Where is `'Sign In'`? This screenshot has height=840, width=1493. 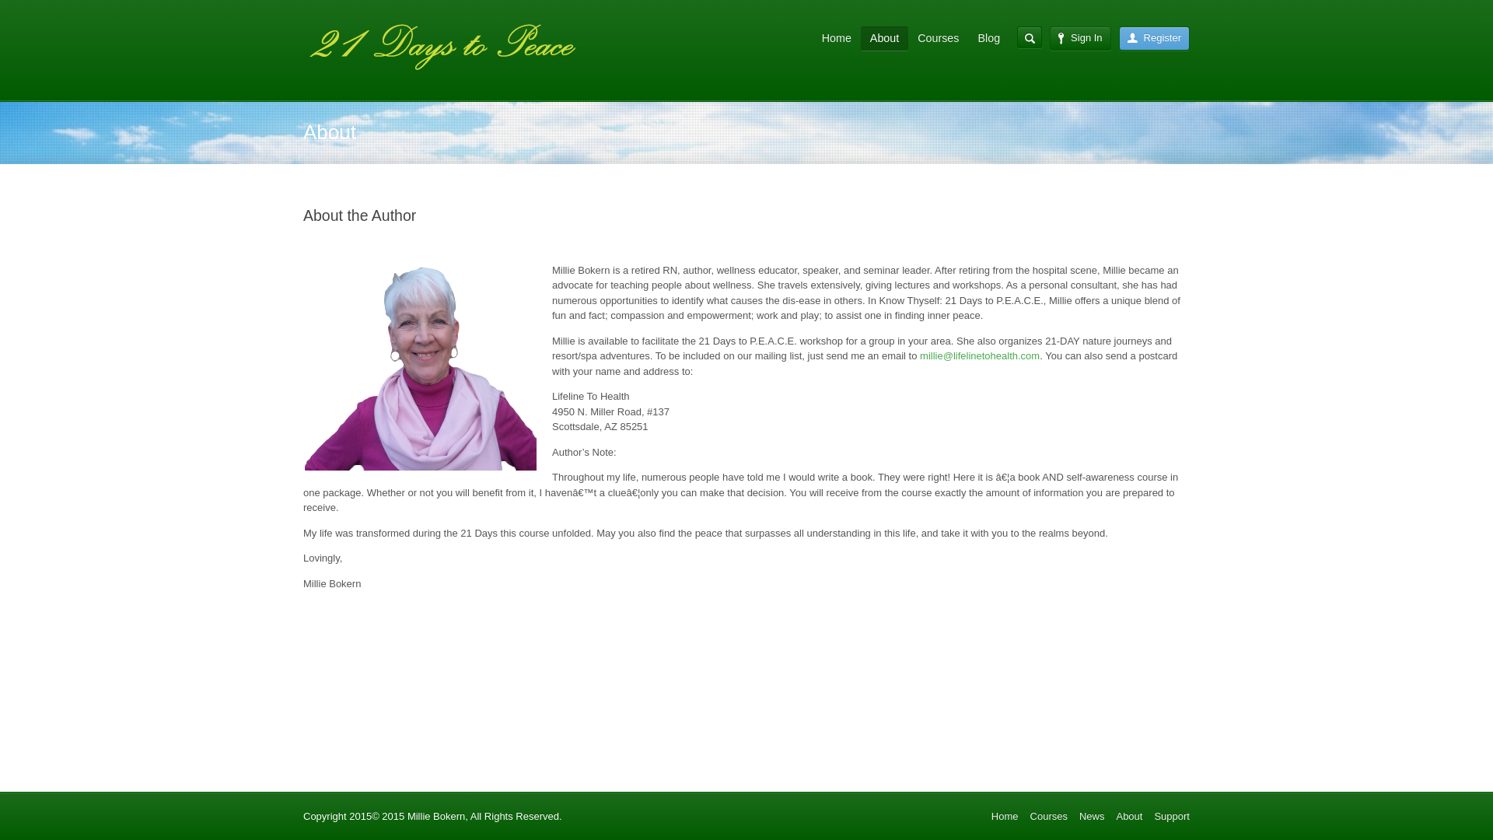 'Sign In' is located at coordinates (1079, 37).